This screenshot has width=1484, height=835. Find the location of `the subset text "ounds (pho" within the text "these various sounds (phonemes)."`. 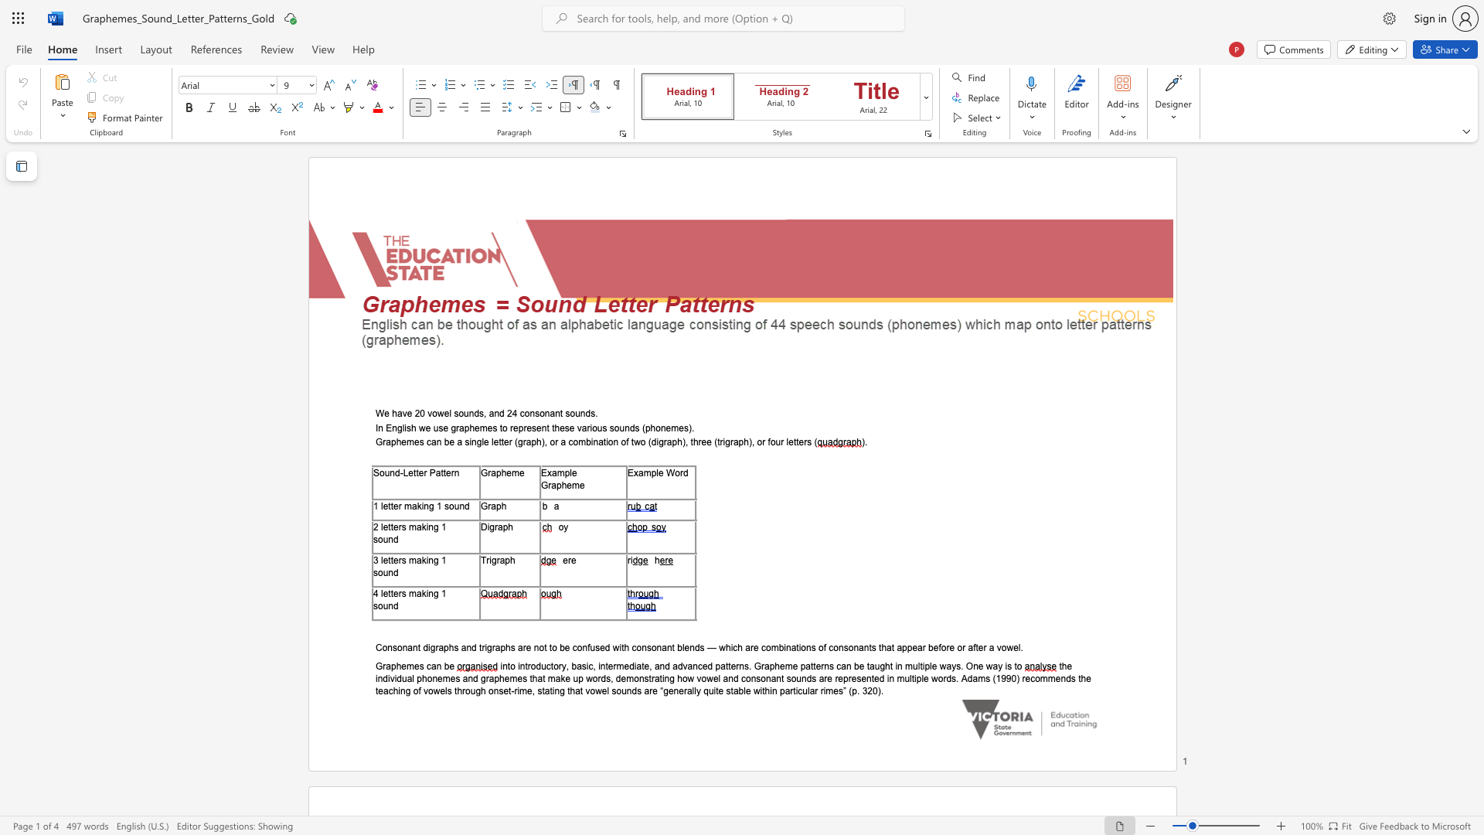

the subset text "ounds (pho" within the text "these various sounds (phonemes)." is located at coordinates (613, 428).